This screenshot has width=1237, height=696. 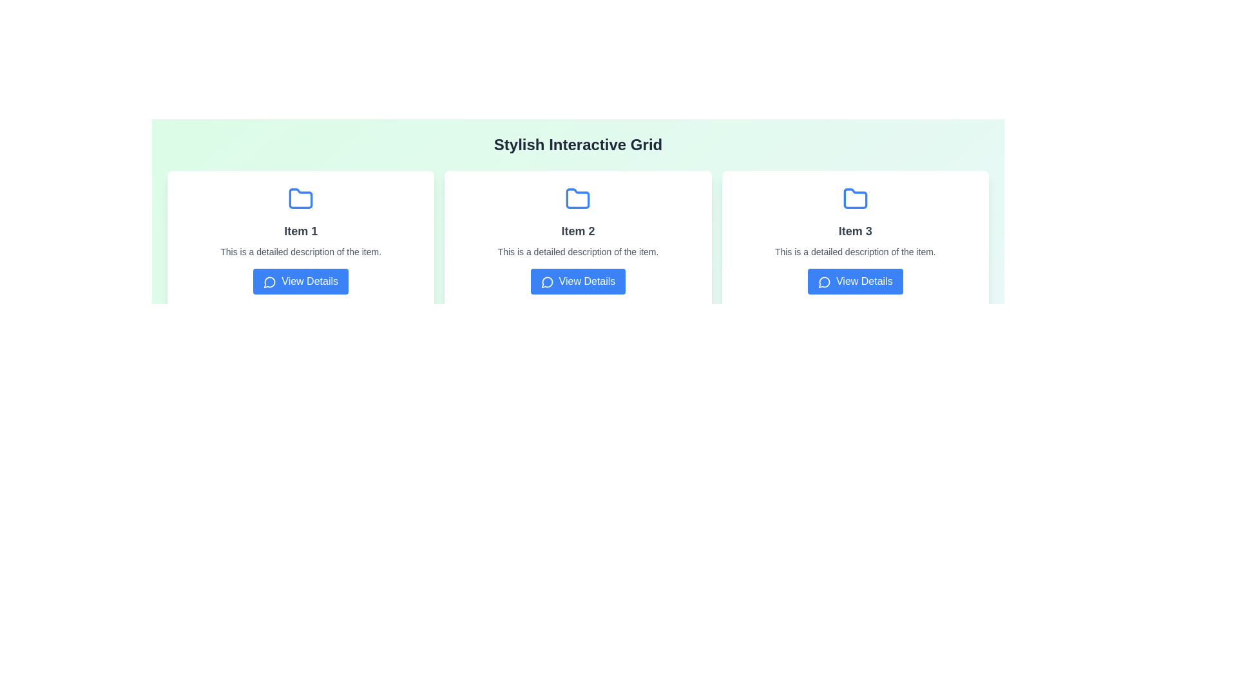 What do you see at coordinates (547, 281) in the screenshot?
I see `the chat bubble icon outlined in white against a blue background located within the 'View Details' button under the card for 'Item 2'` at bounding box center [547, 281].